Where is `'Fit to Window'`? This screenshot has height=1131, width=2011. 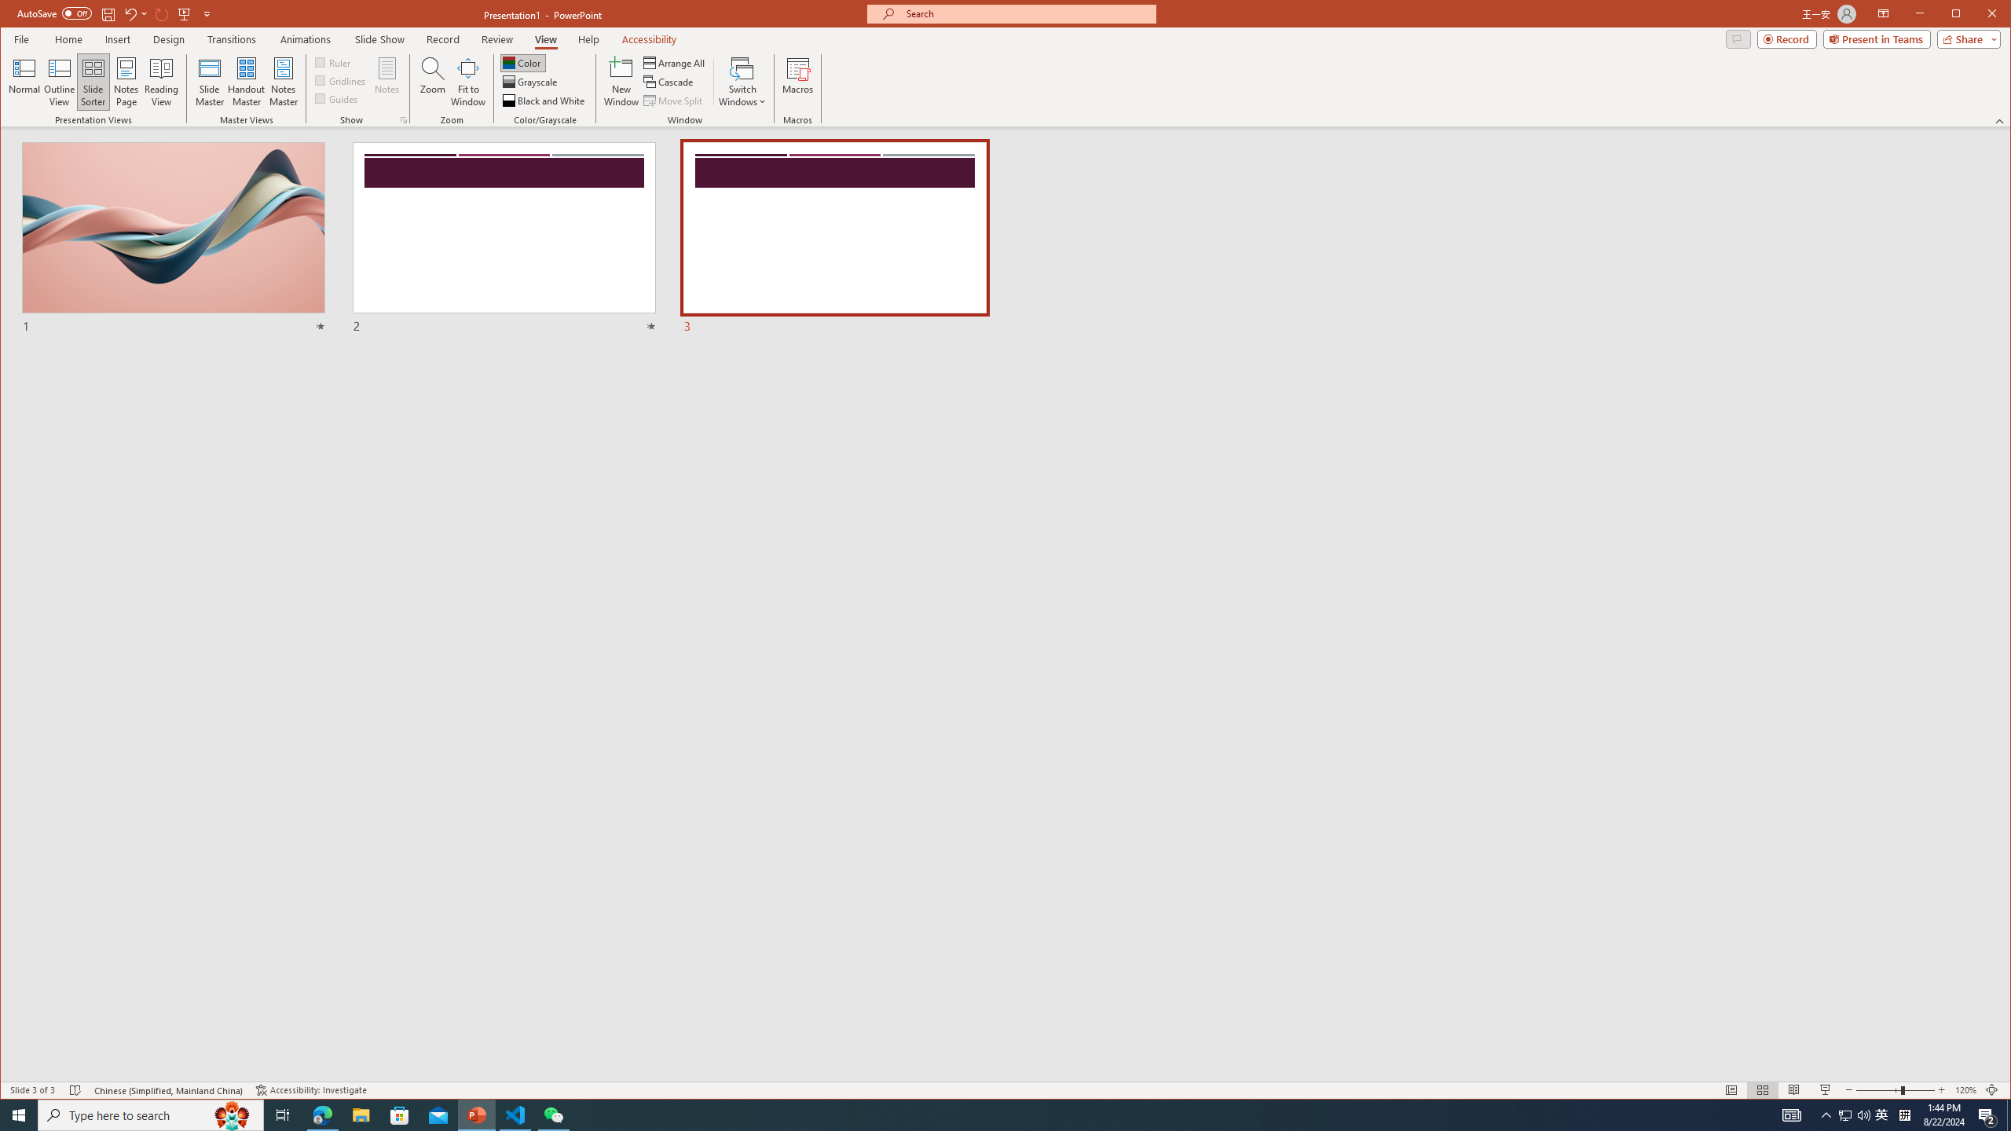
'Fit to Window' is located at coordinates (467, 81).